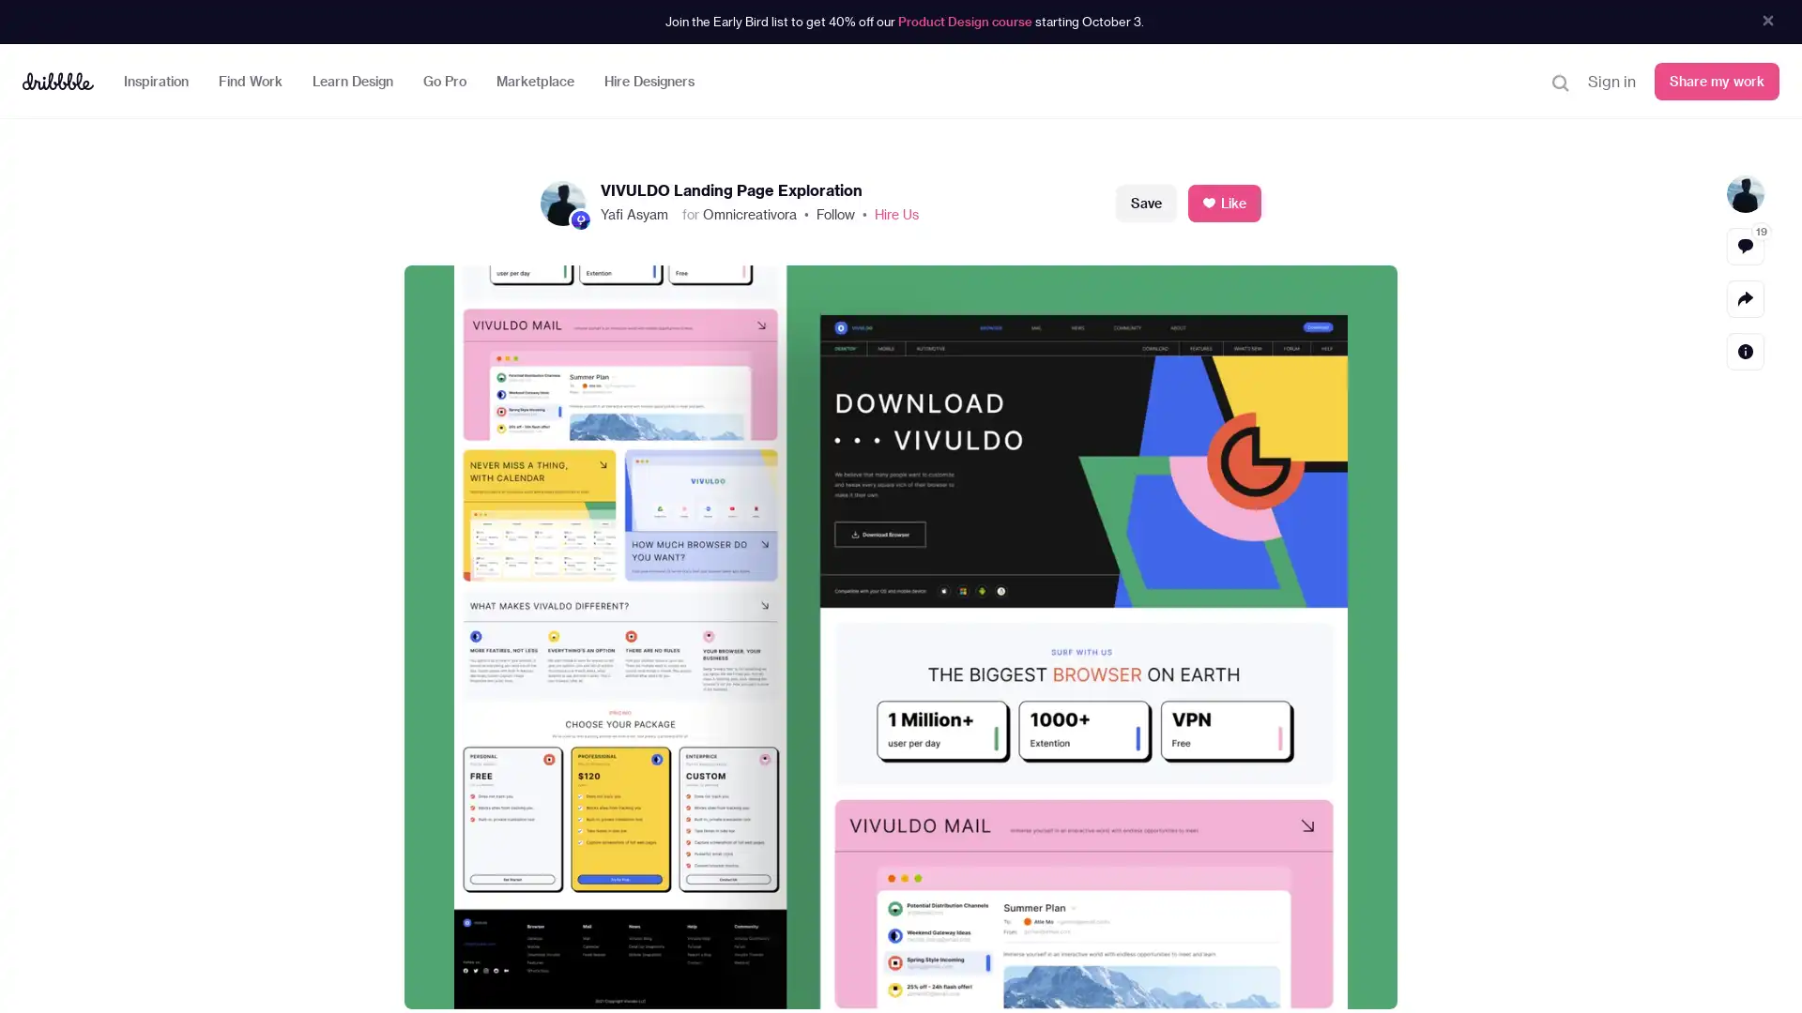 The height and width of the screenshot is (1013, 1802). I want to click on Detail actions, so click(1745, 351).